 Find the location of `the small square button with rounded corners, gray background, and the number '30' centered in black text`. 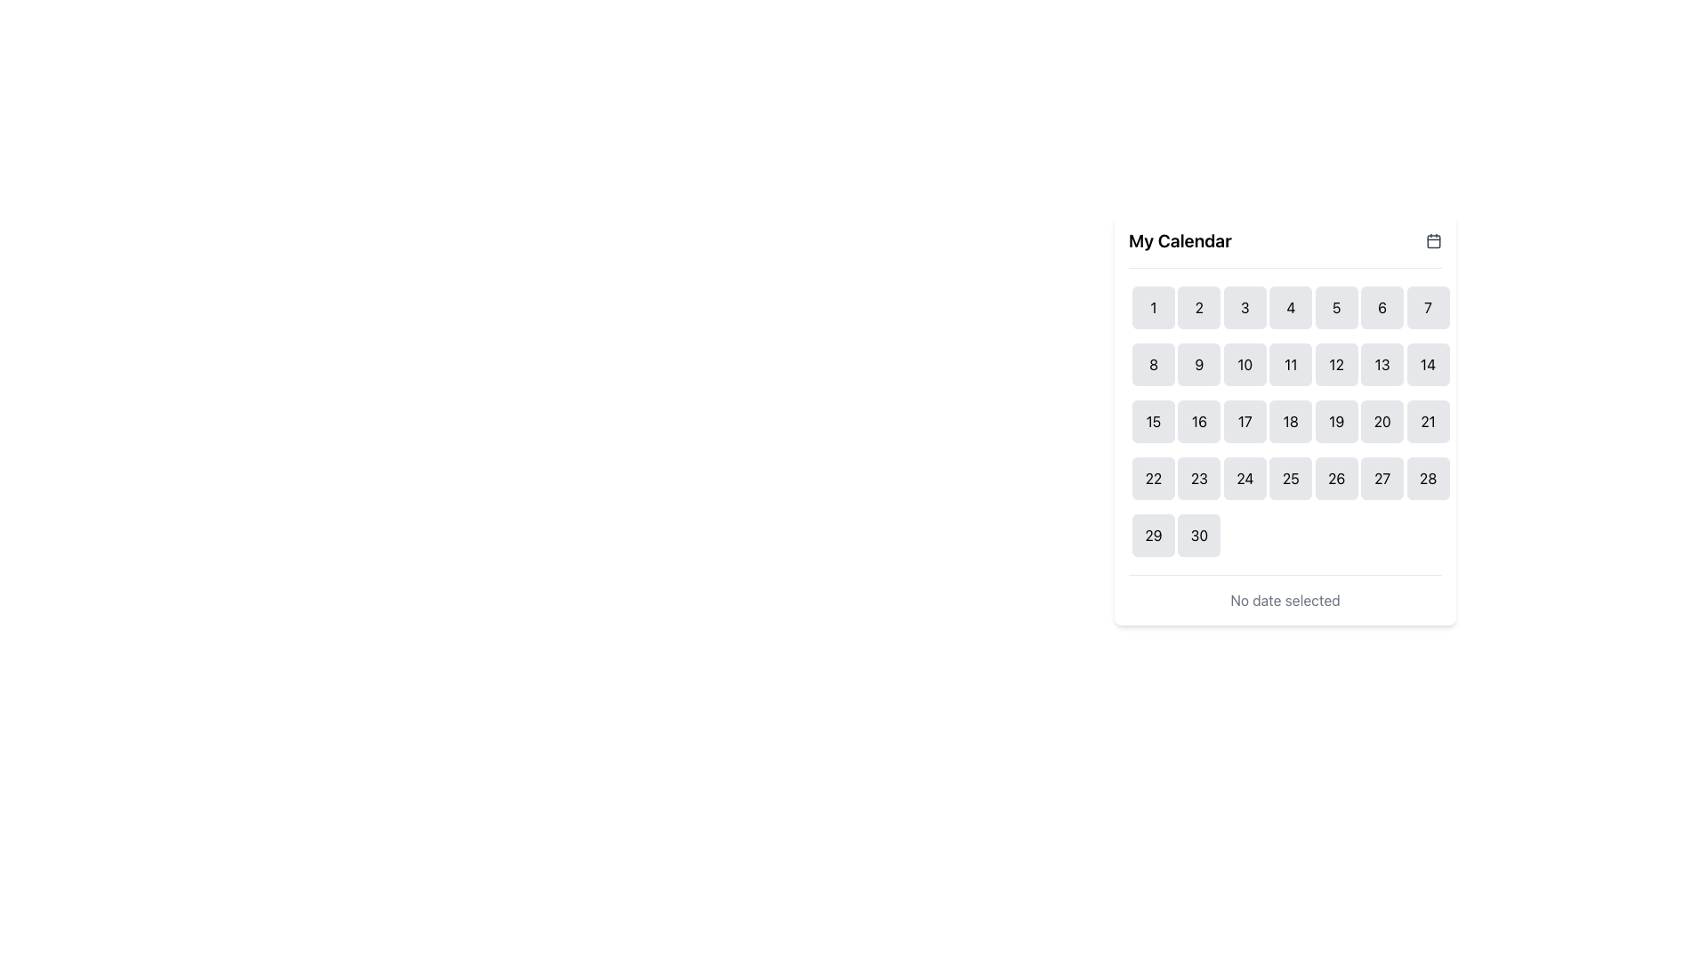

the small square button with rounded corners, gray background, and the number '30' centered in black text is located at coordinates (1199, 534).